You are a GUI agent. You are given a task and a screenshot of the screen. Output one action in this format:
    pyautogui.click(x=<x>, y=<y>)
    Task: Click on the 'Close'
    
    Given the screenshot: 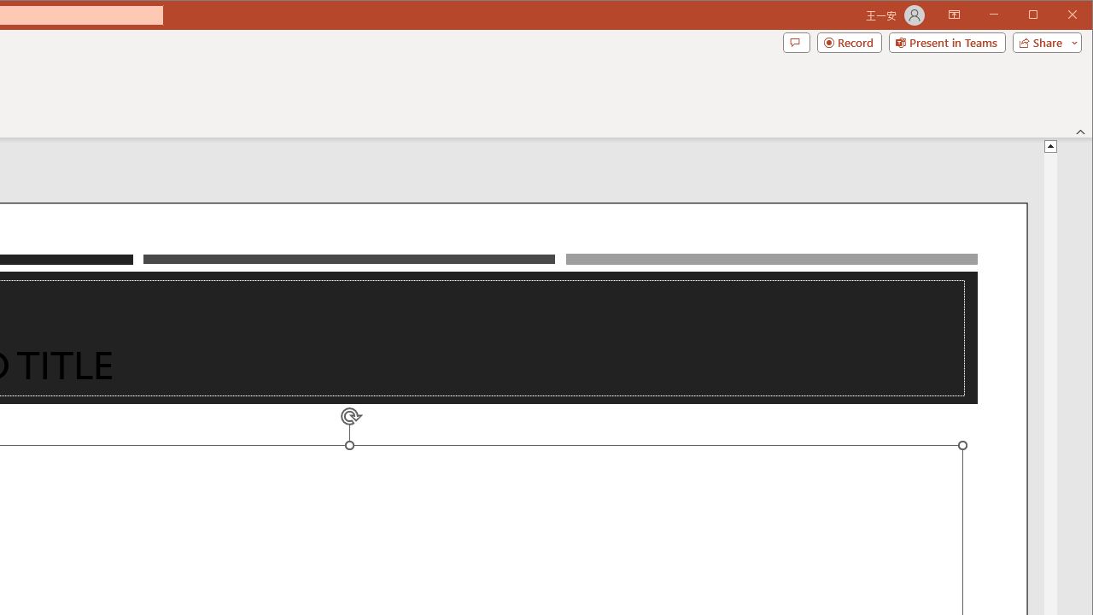 What is the action you would take?
    pyautogui.click(x=1076, y=16)
    